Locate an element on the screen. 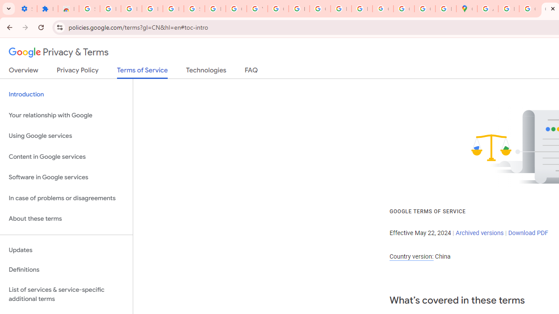 The height and width of the screenshot is (314, 559). 'Privacy Policy' is located at coordinates (77, 72).